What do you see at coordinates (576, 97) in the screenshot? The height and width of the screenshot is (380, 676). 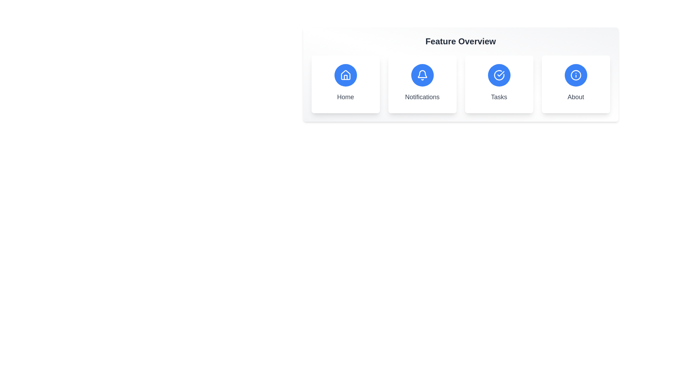 I see `the static text label that serves as the title for the 'About' section, located at the bottom center of the fourth card in a horizontal row of four cards` at bounding box center [576, 97].